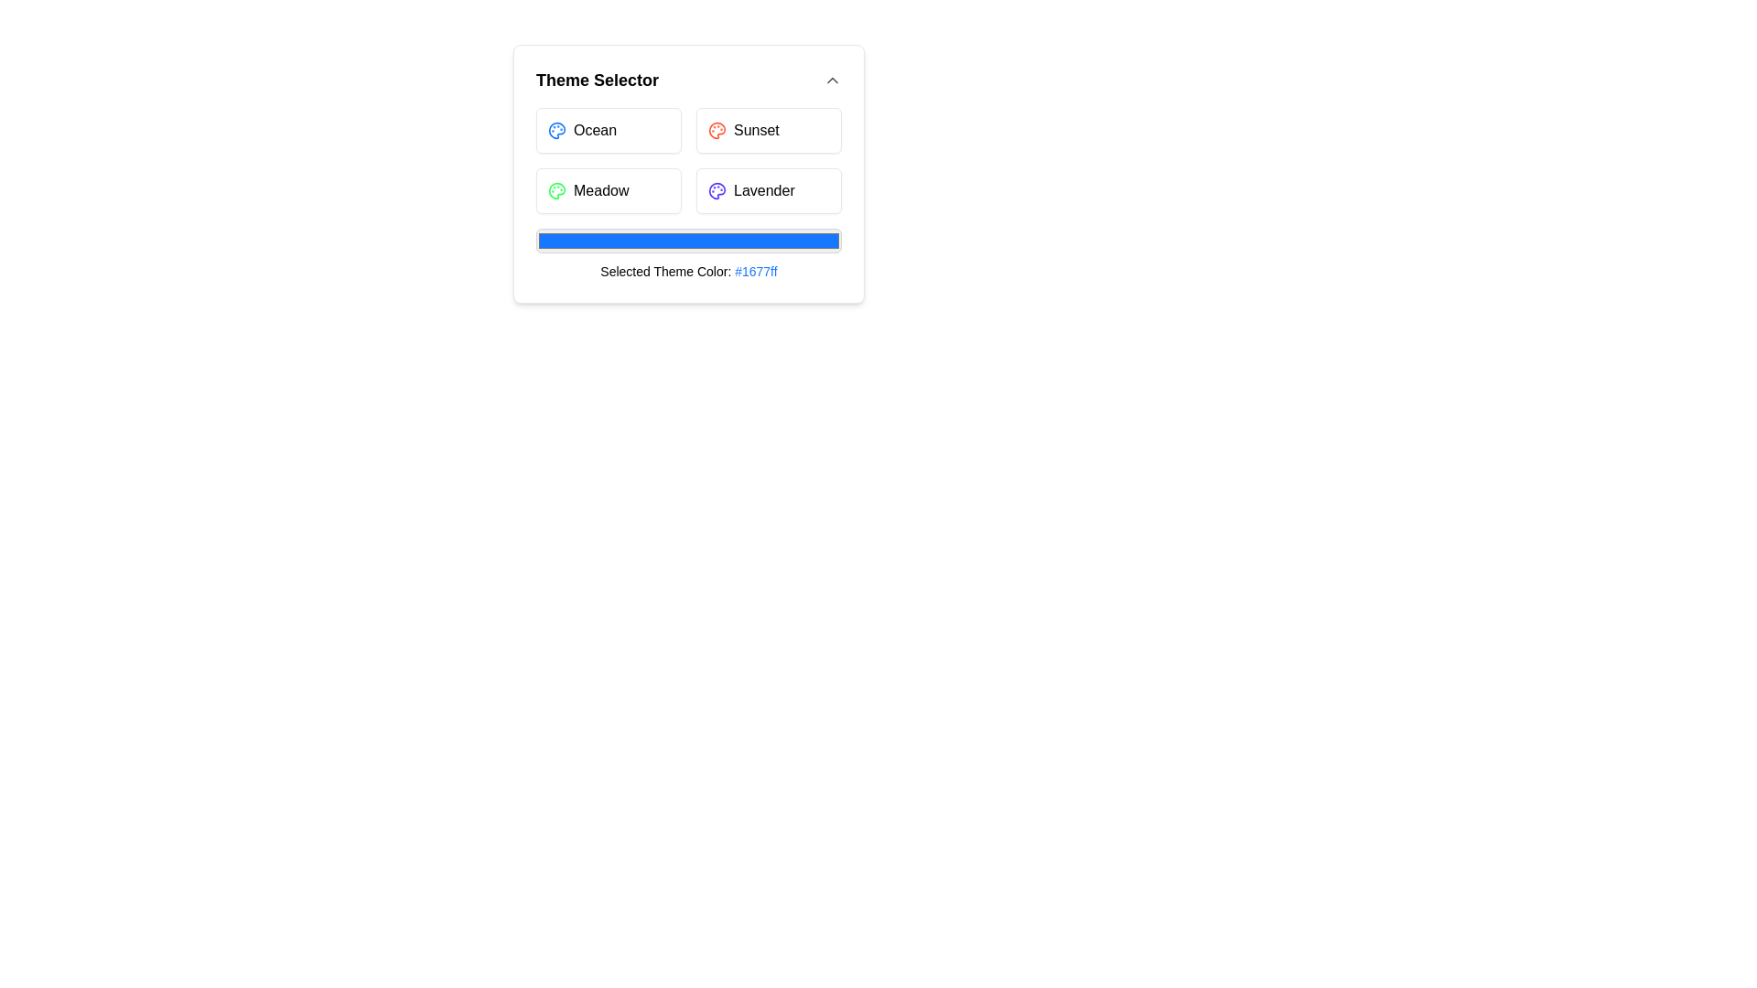 Image resolution: width=1757 pixels, height=988 pixels. I want to click on hexadecimal color code displayed in the static text element located below the horizontal blue bar and theme selection buttons in the theme selector module, so click(756, 272).